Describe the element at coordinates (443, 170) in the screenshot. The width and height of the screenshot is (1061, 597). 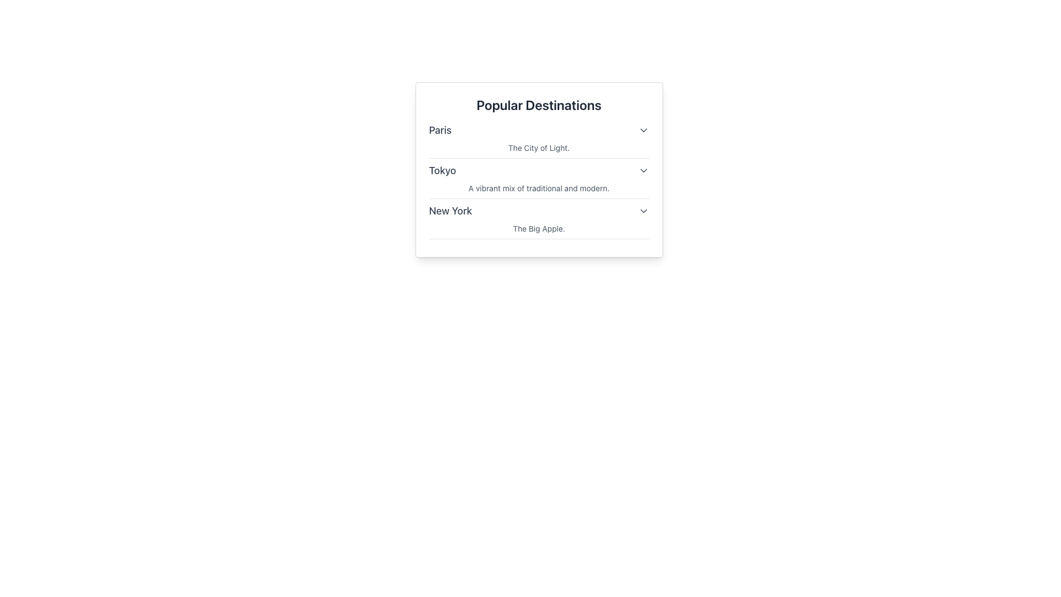
I see `text label displaying 'Tokyo' which is the header for the second destination under 'Popular Destinations'` at that location.